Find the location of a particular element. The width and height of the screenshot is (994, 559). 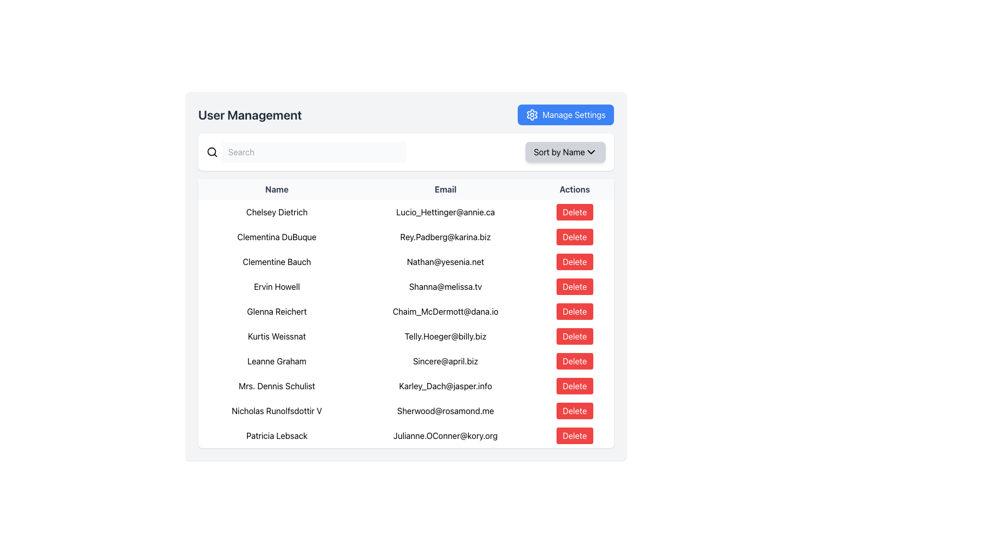

the Delete button located in the Actions column of the row corresponding to the user 'Ervin Howell' with email 'Shanna@melissa.tv' is located at coordinates (574, 287).